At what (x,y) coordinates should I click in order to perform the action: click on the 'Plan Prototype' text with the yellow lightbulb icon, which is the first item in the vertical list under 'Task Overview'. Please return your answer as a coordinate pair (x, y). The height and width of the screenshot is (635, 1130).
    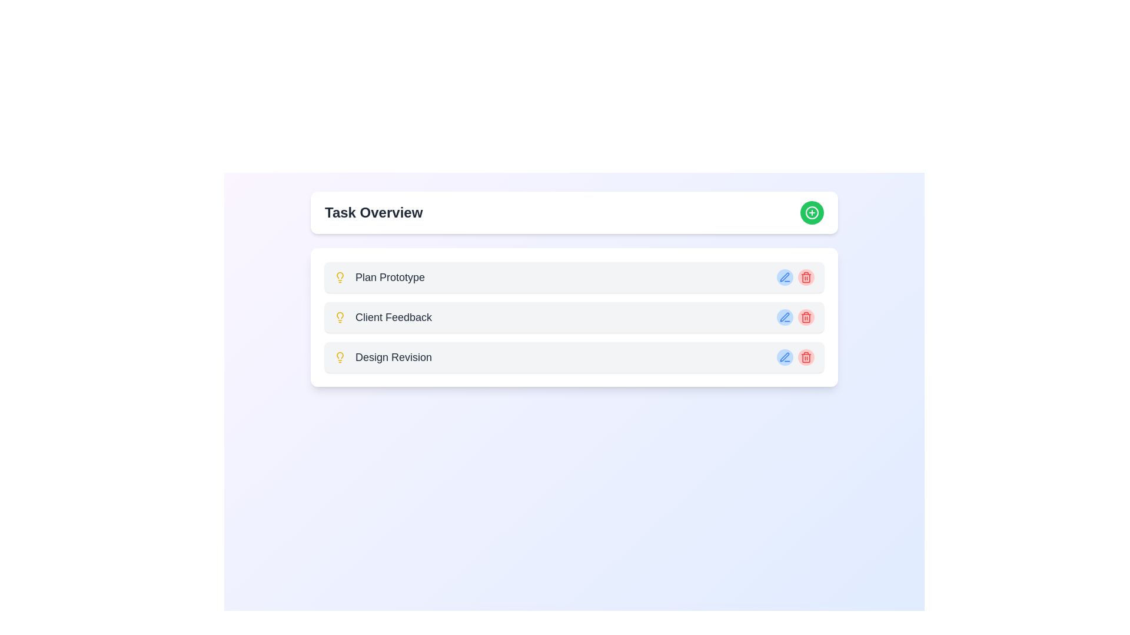
    Looking at the image, I should click on (380, 277).